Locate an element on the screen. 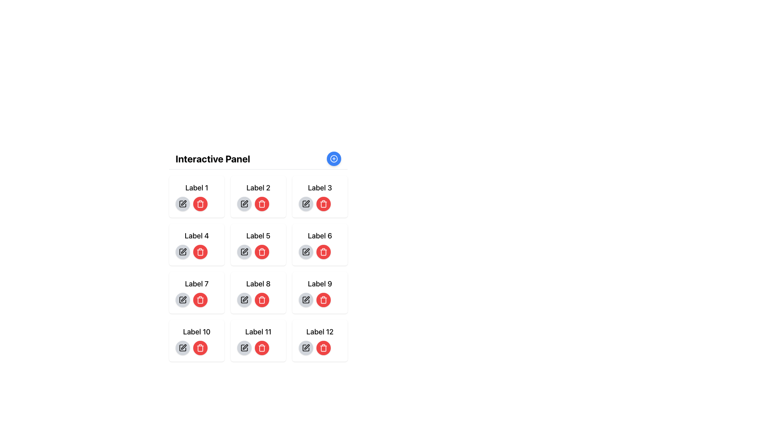 The height and width of the screenshot is (432, 768). the text label displaying 'Label 10', which is located in the bottom-left corner of the interface layout and styled in a medium font size is located at coordinates (196, 332).